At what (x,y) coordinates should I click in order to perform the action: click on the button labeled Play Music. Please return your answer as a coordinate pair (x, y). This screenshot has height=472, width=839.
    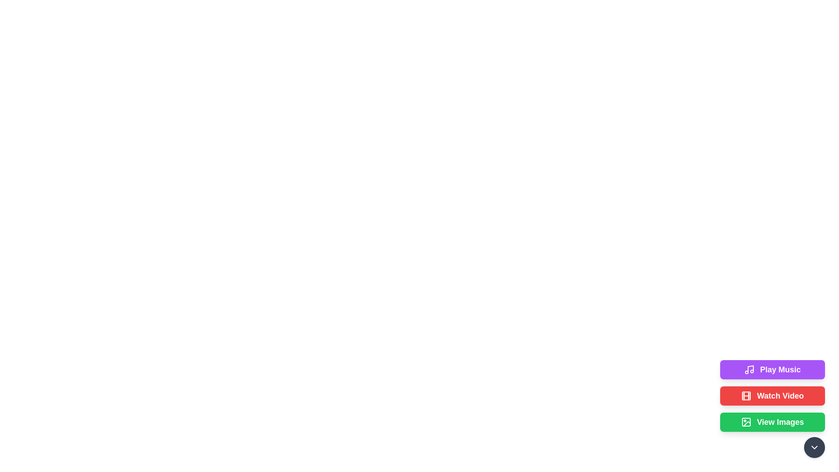
    Looking at the image, I should click on (772, 369).